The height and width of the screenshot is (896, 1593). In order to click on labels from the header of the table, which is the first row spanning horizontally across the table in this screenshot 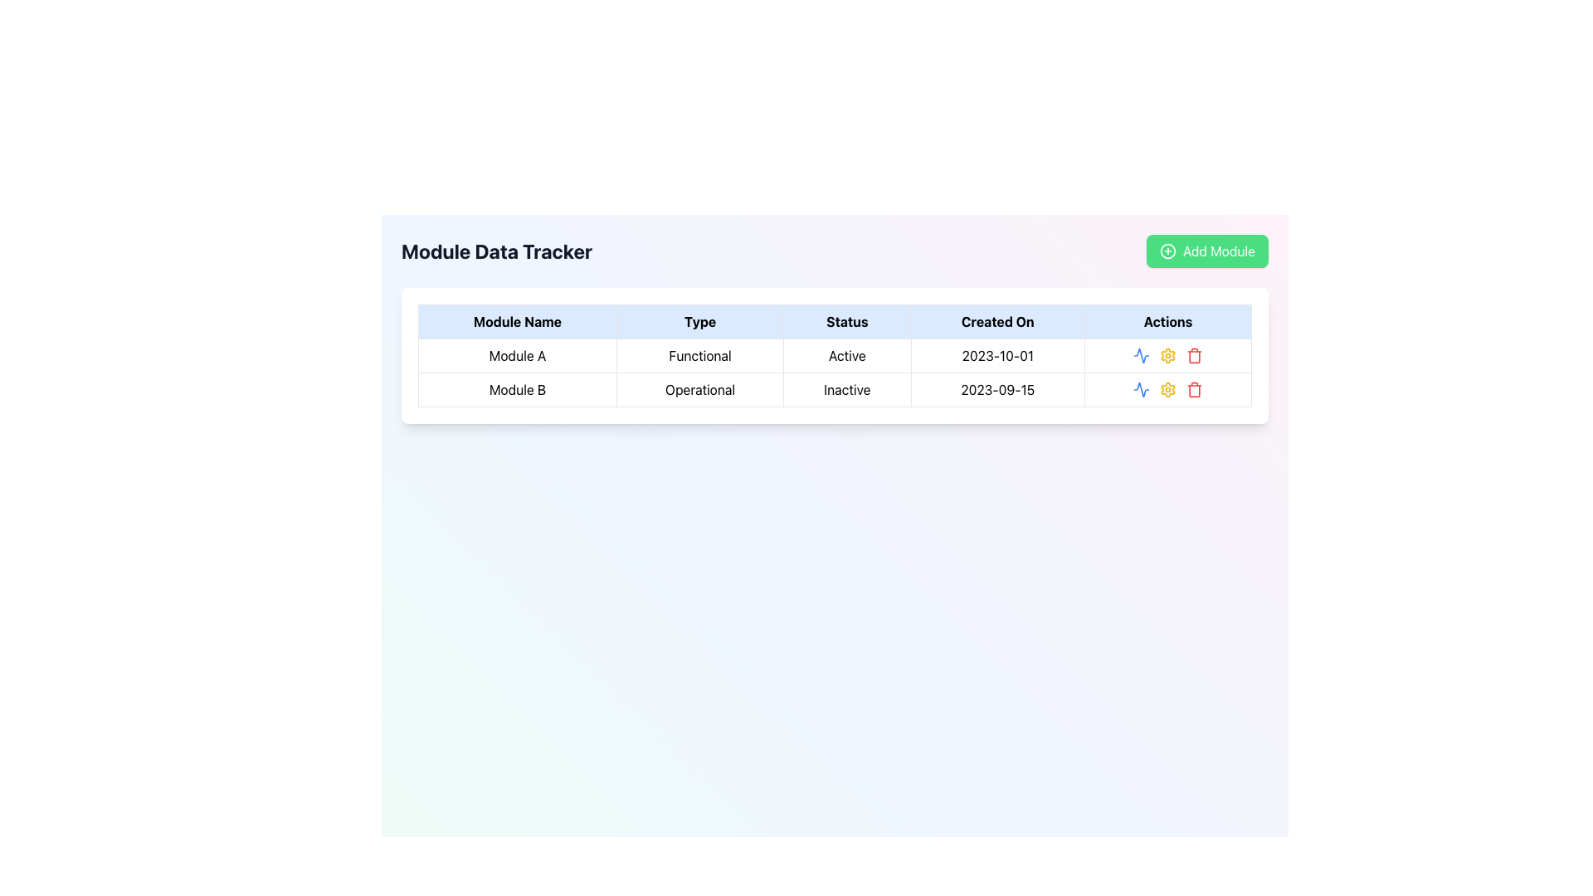, I will do `click(835, 322)`.